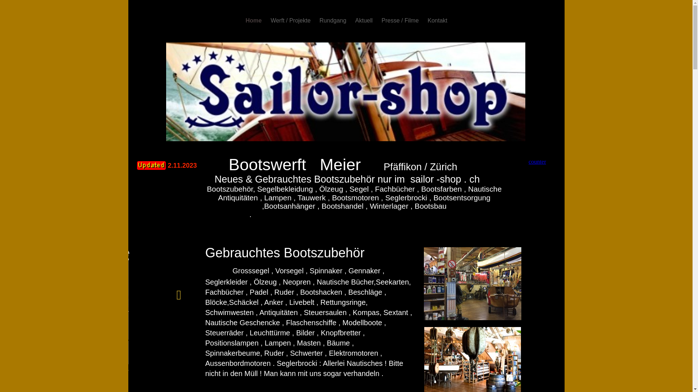 This screenshot has width=698, height=392. What do you see at coordinates (333, 20) in the screenshot?
I see `'Rundgang'` at bounding box center [333, 20].